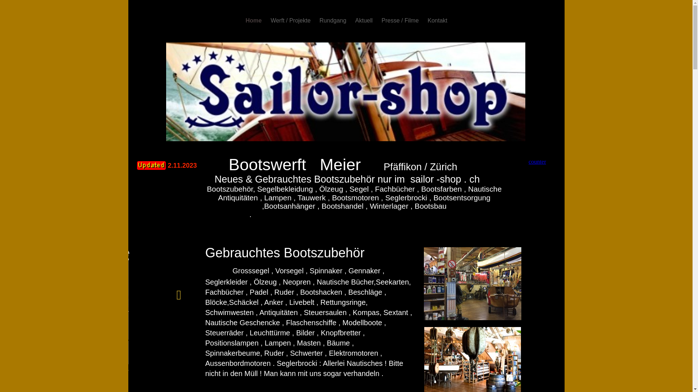 This screenshot has width=698, height=392. What do you see at coordinates (333, 20) in the screenshot?
I see `'Rundgang'` at bounding box center [333, 20].